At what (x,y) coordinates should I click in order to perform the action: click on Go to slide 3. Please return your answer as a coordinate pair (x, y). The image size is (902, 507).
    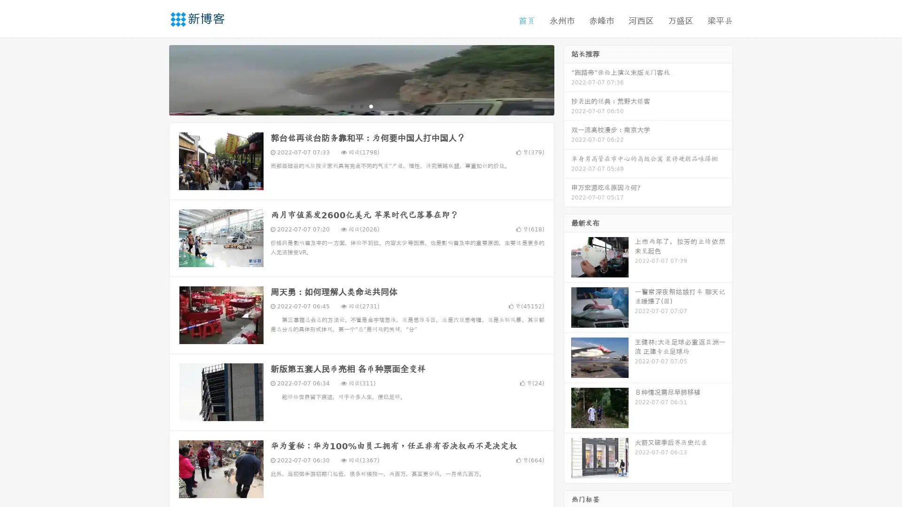
    Looking at the image, I should click on (371, 106).